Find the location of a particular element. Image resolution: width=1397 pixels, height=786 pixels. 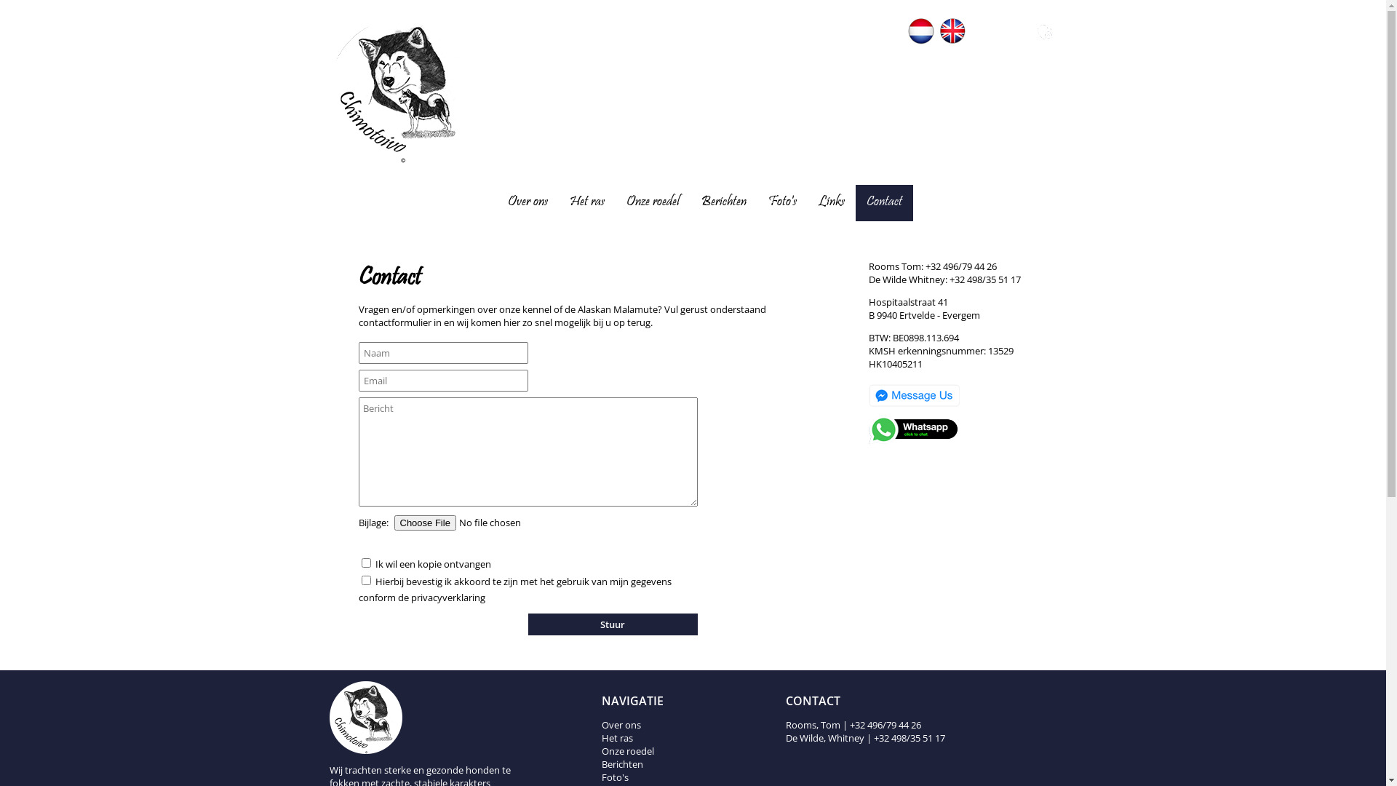

'Privacy policy' is located at coordinates (1043, 40).